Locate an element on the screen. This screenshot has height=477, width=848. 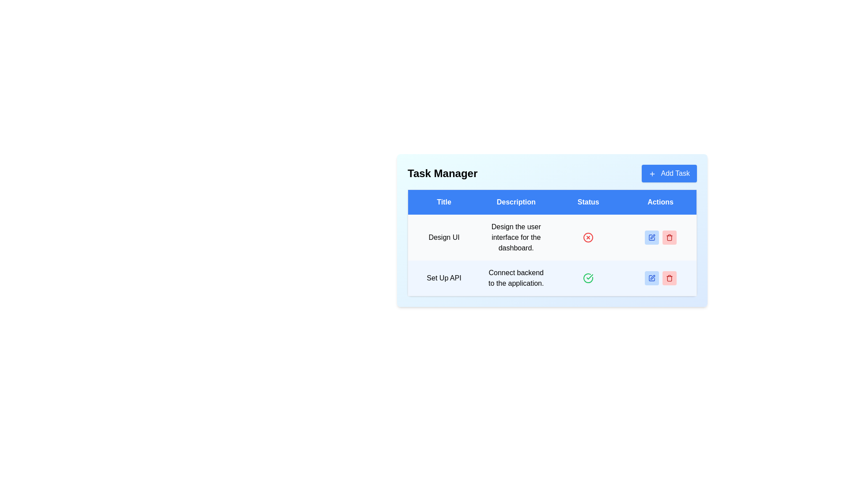
the blue square icon with a pen symbol located in the 'Actions' column of the 'Set Up API' row in the task table is located at coordinates (651, 277).